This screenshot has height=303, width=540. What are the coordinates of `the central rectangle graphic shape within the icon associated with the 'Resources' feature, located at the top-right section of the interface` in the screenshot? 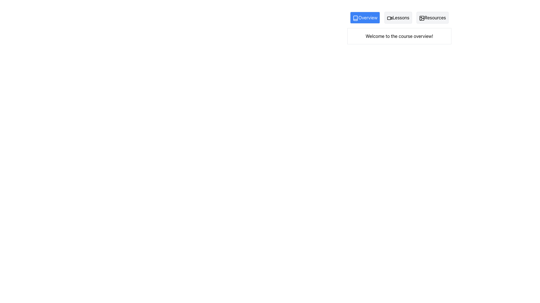 It's located at (422, 18).